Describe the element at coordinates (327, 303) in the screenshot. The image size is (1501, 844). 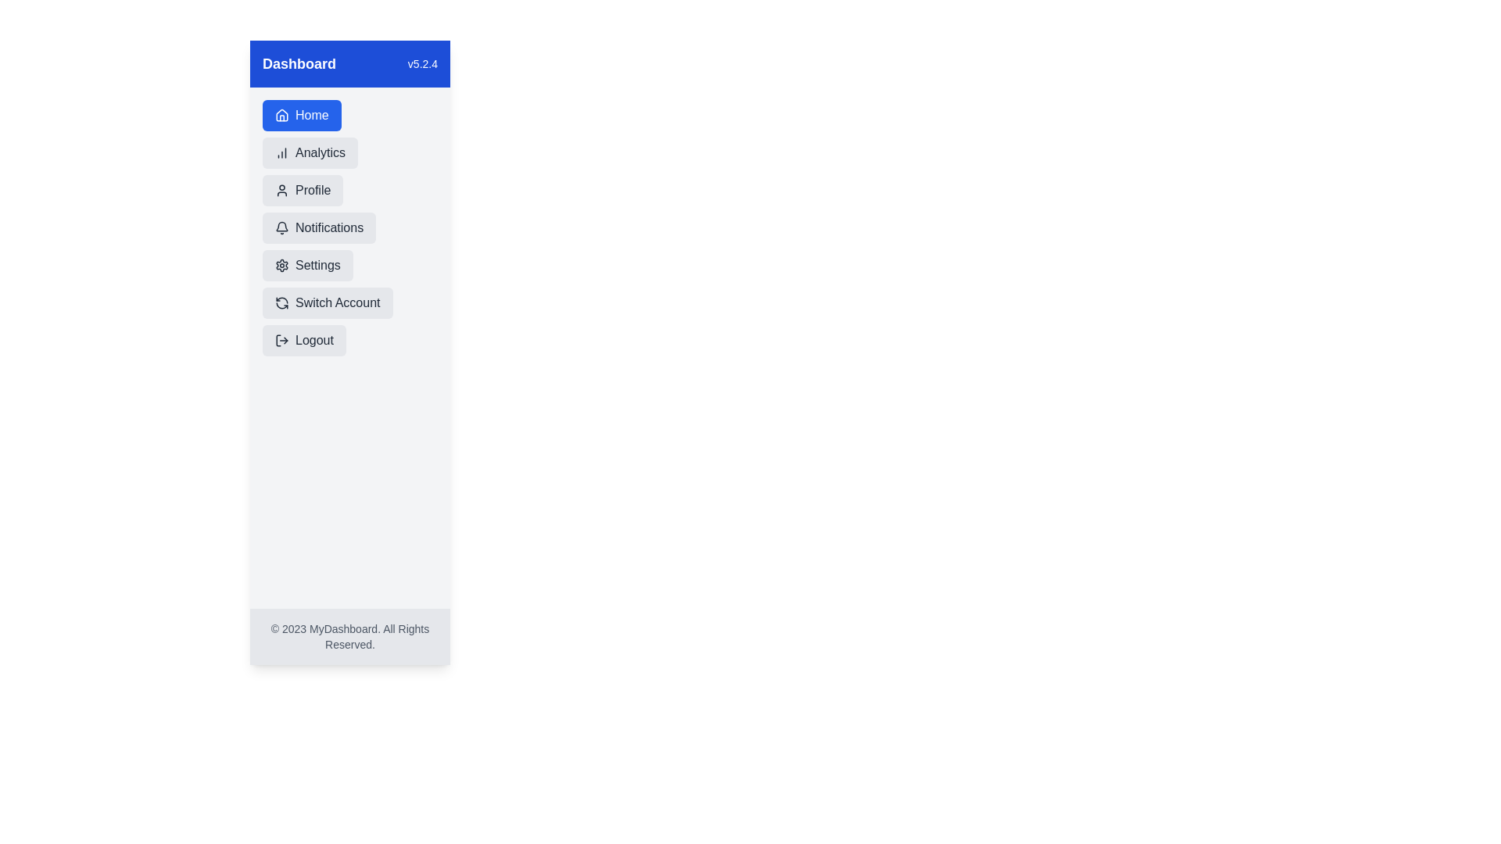
I see `the account switch button located on the left sidebar, sixth from the top` at that location.